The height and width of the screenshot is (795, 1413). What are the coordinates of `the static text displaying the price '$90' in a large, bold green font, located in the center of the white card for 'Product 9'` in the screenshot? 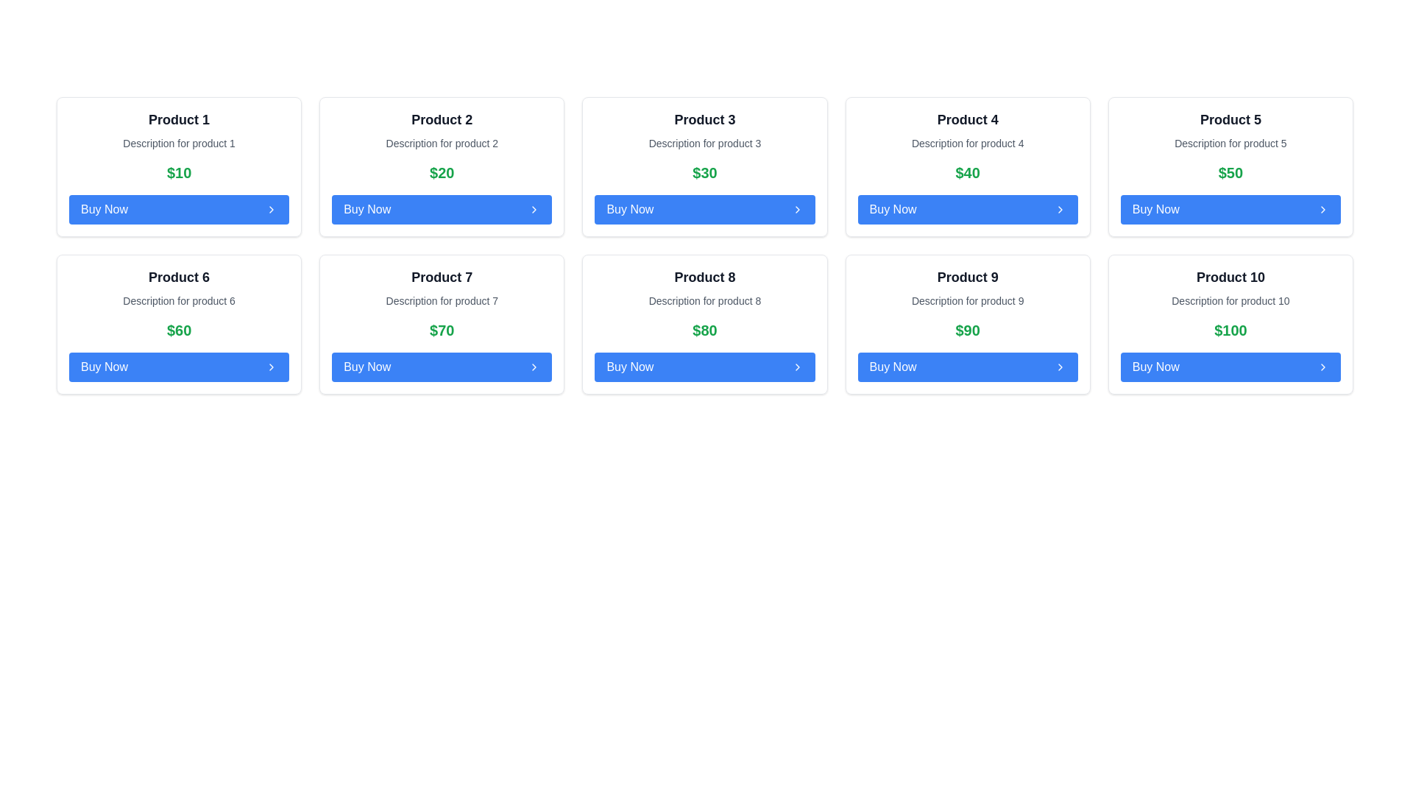 It's located at (968, 329).